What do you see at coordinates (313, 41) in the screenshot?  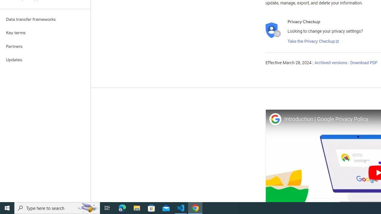 I see `'Take the Privacy Checkup'` at bounding box center [313, 41].